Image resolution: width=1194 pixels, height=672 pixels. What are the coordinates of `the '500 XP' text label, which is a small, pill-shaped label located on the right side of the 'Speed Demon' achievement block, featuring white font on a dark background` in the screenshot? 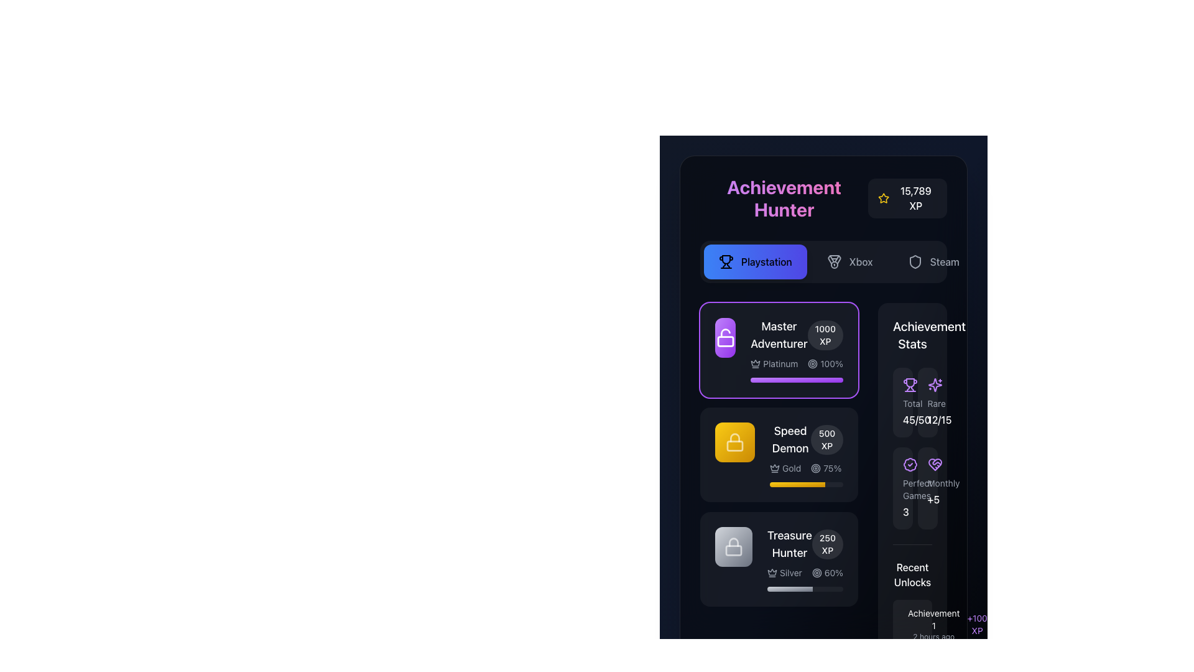 It's located at (827, 439).